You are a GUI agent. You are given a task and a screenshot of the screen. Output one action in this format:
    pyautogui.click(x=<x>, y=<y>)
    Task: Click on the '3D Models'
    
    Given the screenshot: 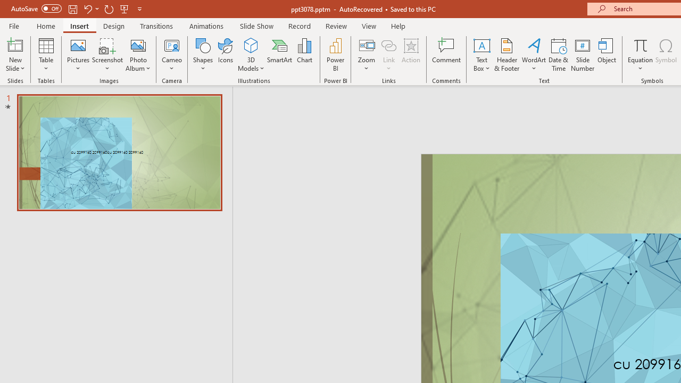 What is the action you would take?
    pyautogui.click(x=251, y=55)
    